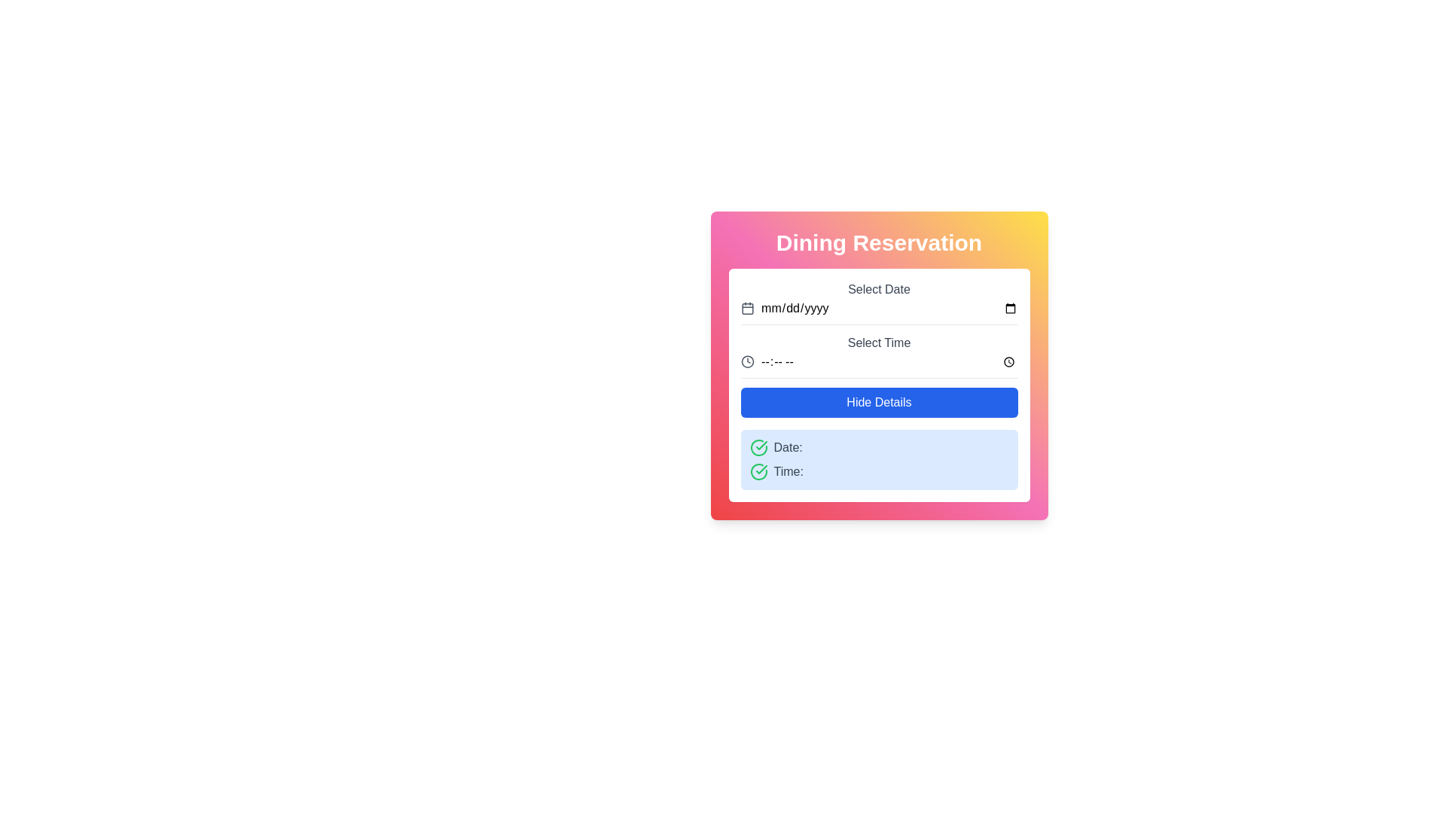 Image resolution: width=1446 pixels, height=813 pixels. What do you see at coordinates (879, 402) in the screenshot?
I see `the 'Hide Details' button, which is a blue rectangular button with white text and rounded corners, located below the input fields and above the detail display area` at bounding box center [879, 402].